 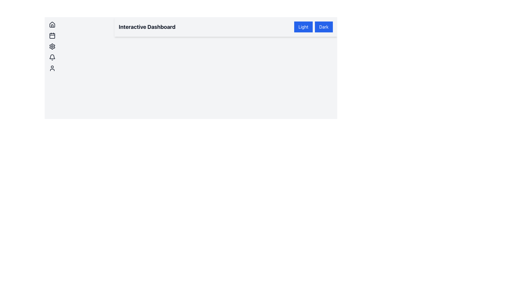 I want to click on the 'Dark' button using tab navigation, so click(x=324, y=27).